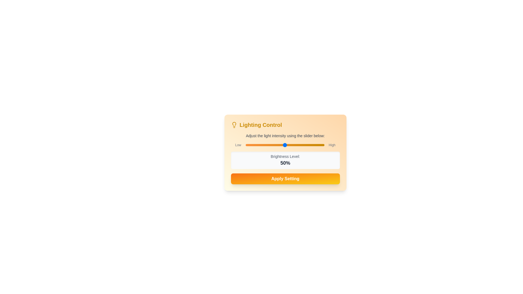 The height and width of the screenshot is (294, 523). Describe the element at coordinates (234, 125) in the screenshot. I see `the lightbulb icon located to the left of the 'Lighting Control' text, which is styled in a flat design and rendered in yellow` at that location.